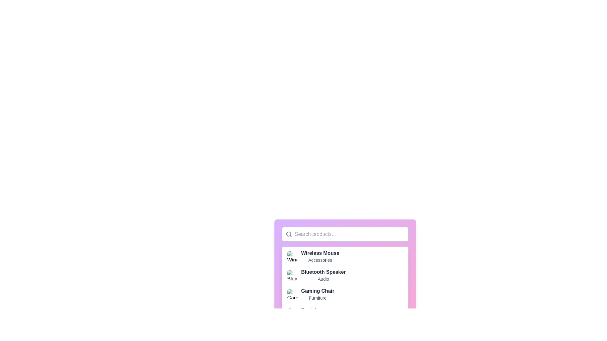  What do you see at coordinates (345, 294) in the screenshot?
I see `the third item in the dropdown list, which is the 'Gaming Chair' entry under 'Furniture'` at bounding box center [345, 294].